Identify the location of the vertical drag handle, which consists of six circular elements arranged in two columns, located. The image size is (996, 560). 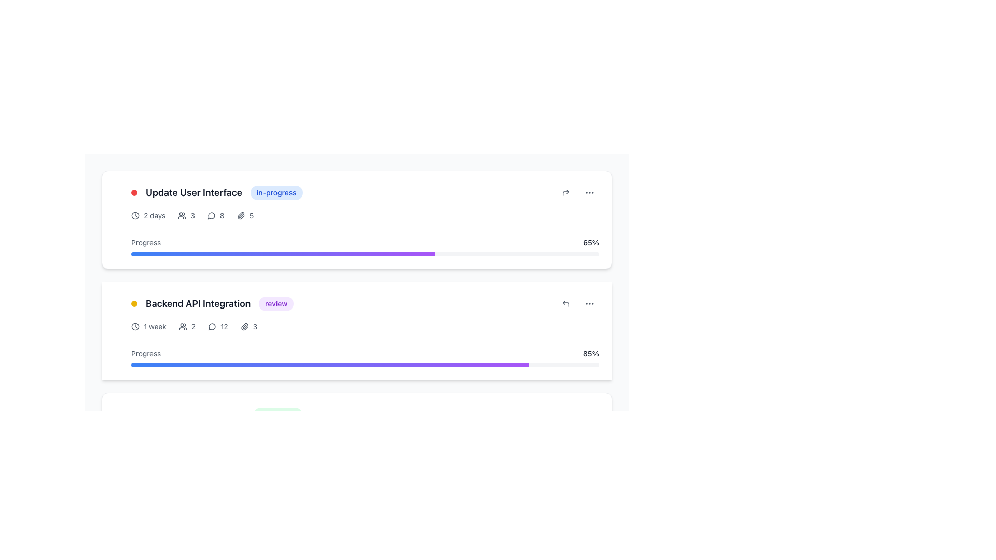
(115, 219).